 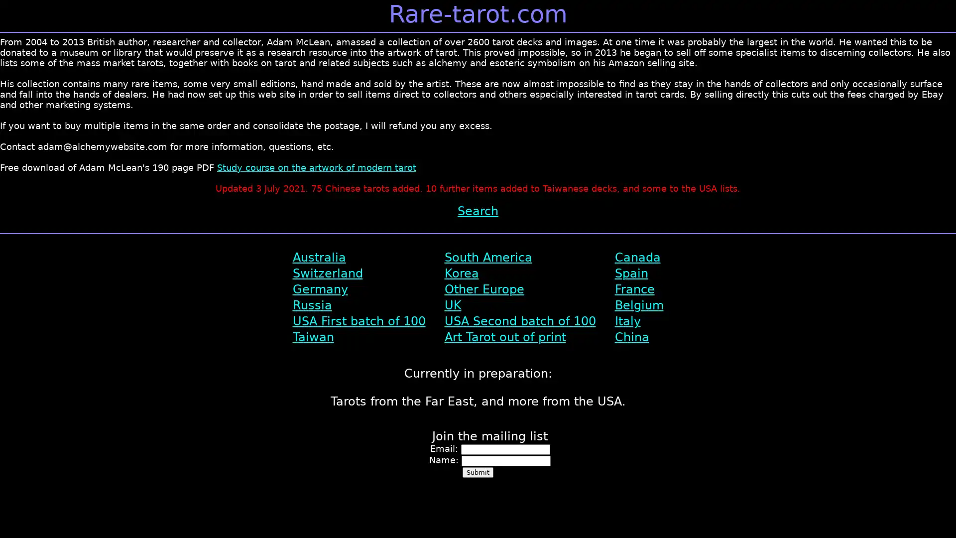 What do you see at coordinates (478, 472) in the screenshot?
I see `Submit` at bounding box center [478, 472].